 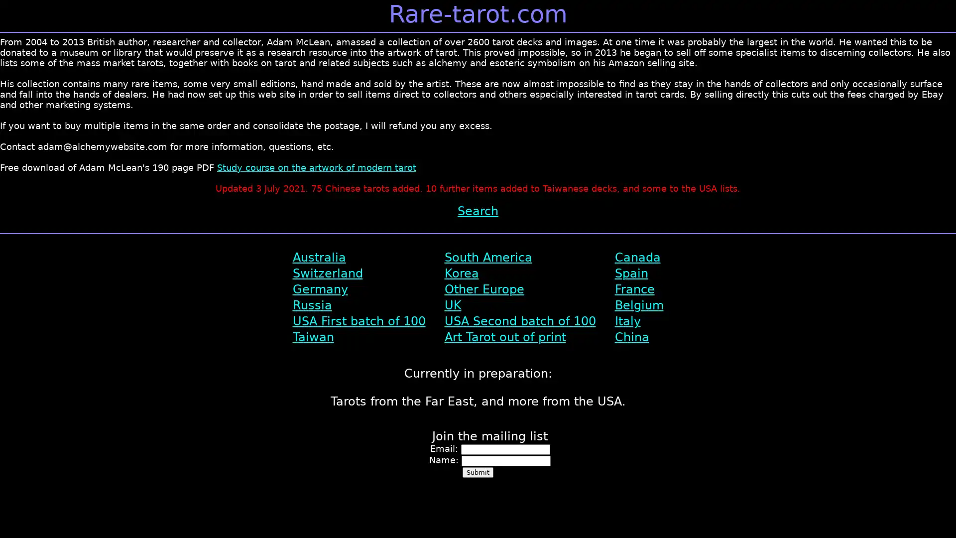 What do you see at coordinates (478, 472) in the screenshot?
I see `Submit` at bounding box center [478, 472].